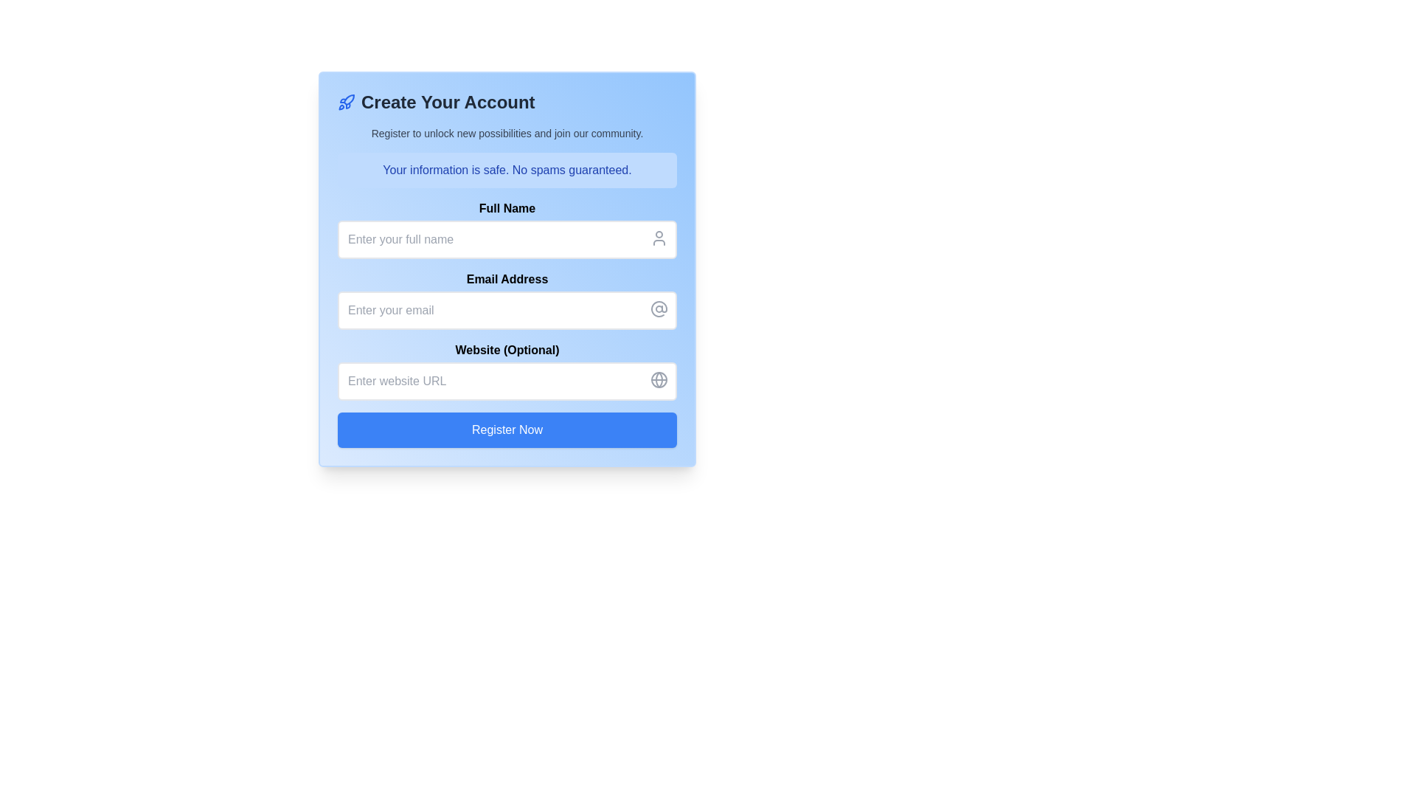  I want to click on the email-related icon located to the right of the 'Email Address' input field, which serves as a visual representation providing contextual assistance, so click(658, 308).